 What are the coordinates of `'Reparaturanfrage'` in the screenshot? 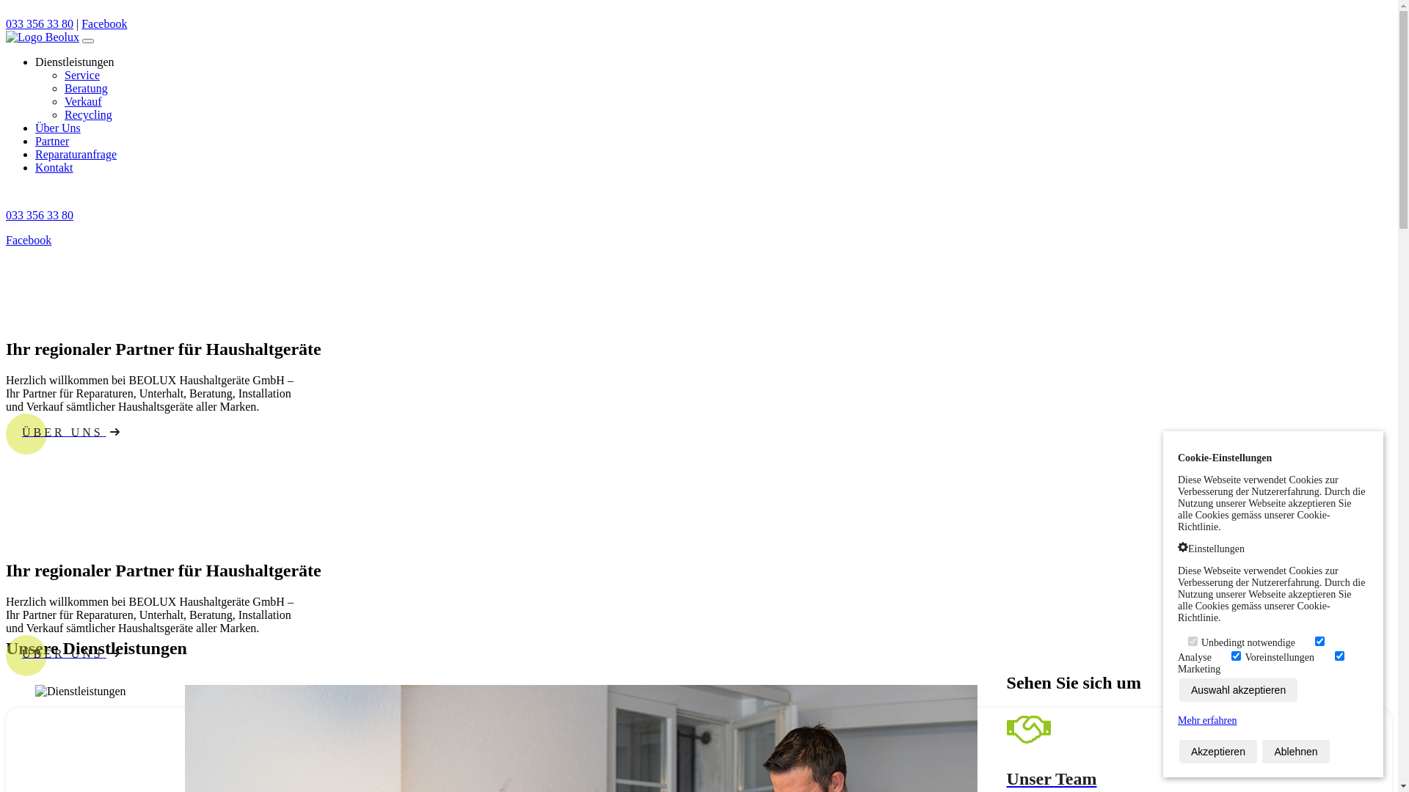 It's located at (75, 154).